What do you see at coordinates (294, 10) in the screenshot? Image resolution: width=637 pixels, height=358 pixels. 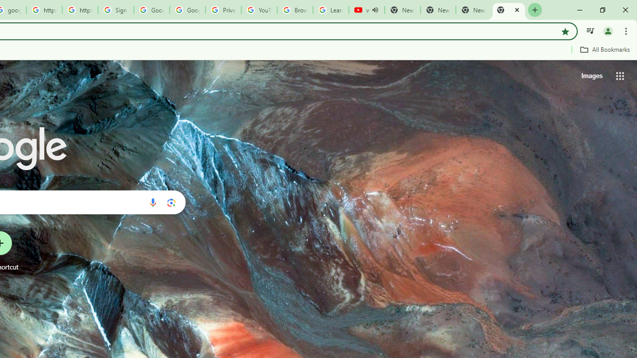 I see `'Browse Chrome as a guest - Computer - Google Chrome Help'` at bounding box center [294, 10].